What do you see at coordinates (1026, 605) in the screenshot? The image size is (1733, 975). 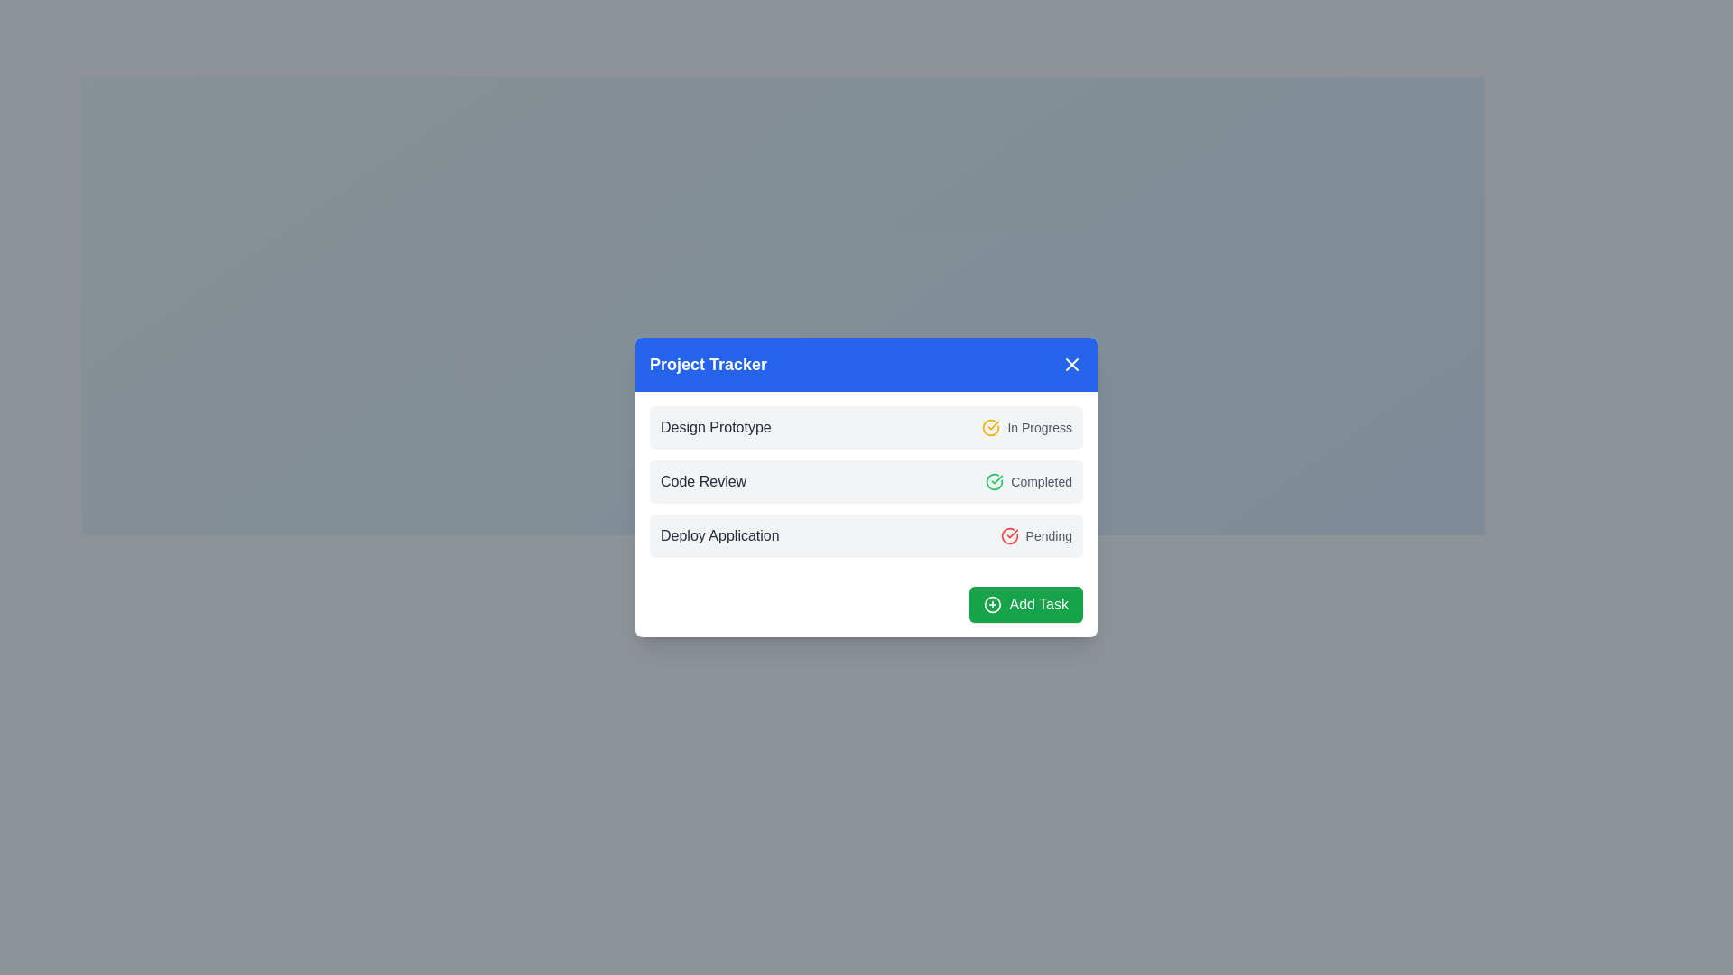 I see `the 'Add Task' button` at bounding box center [1026, 605].